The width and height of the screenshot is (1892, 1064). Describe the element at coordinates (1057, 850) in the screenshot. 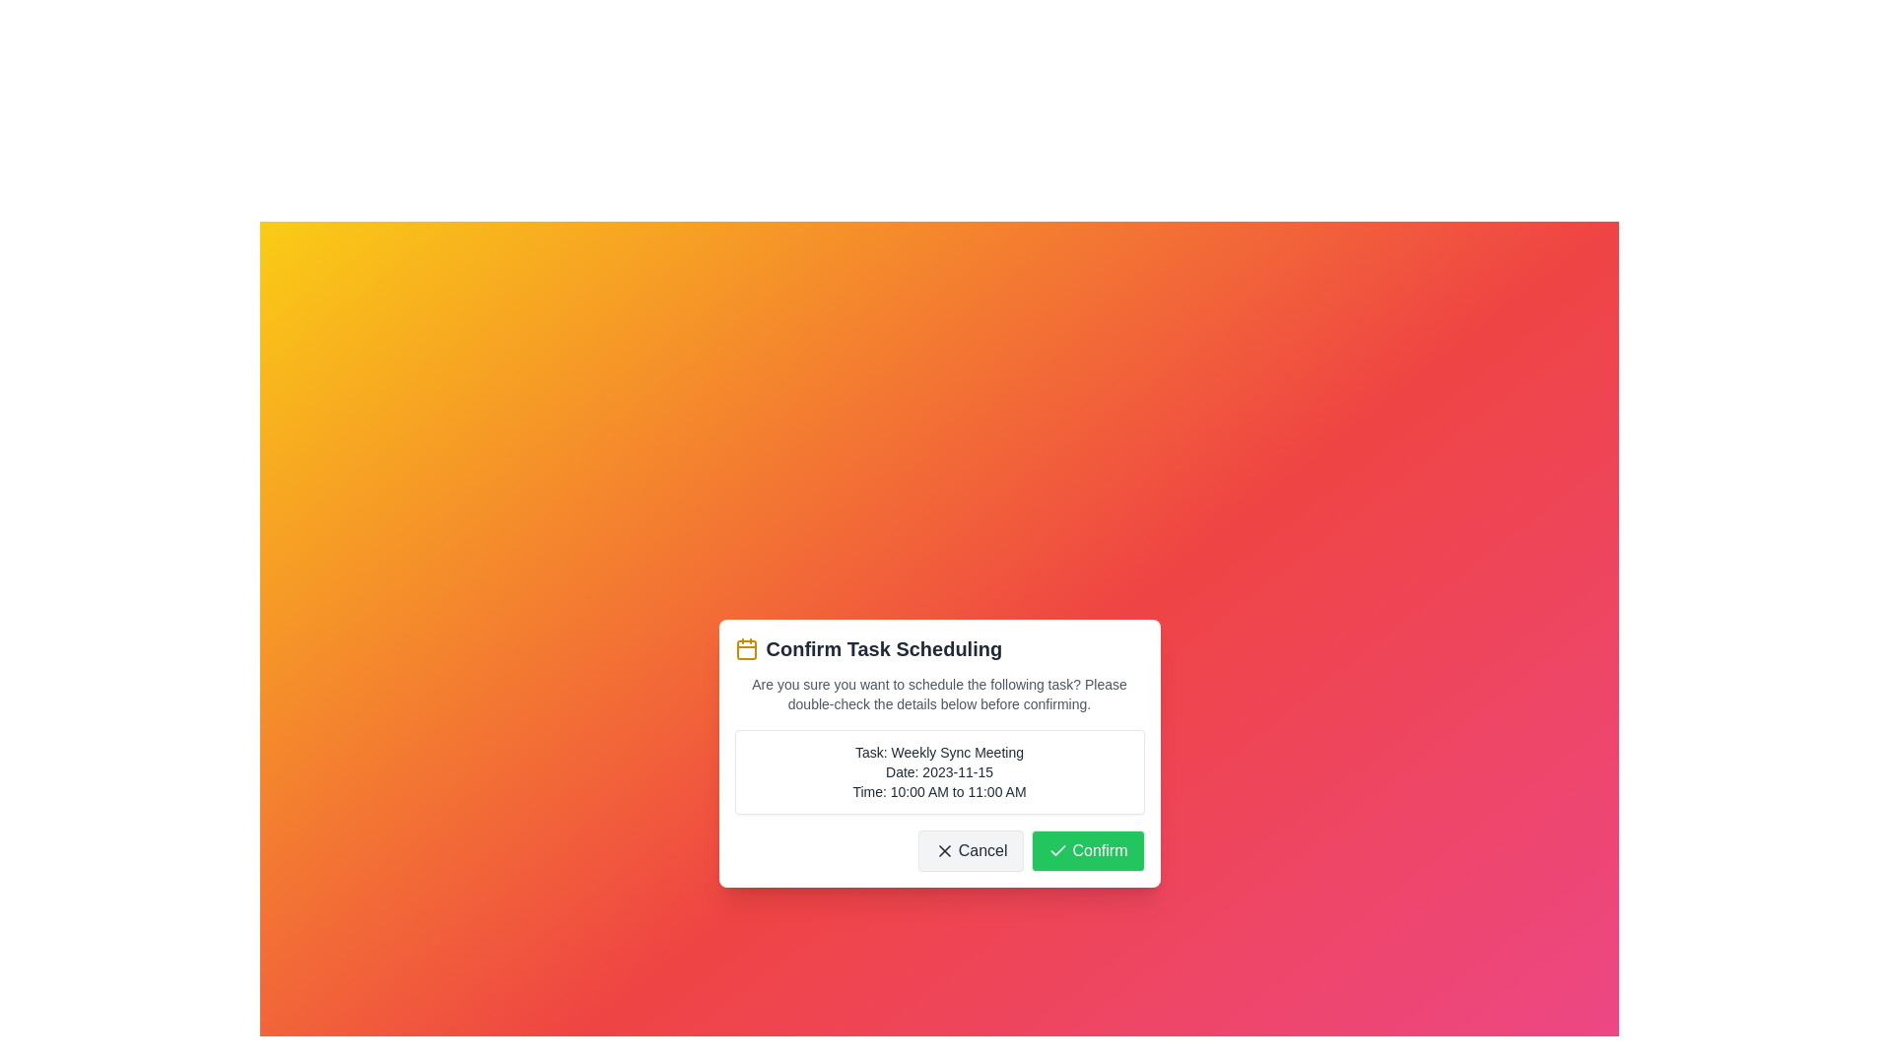

I see `the checkmark icon located inside the green 'Confirm' button at the bottom-right corner of the dialog box` at that location.